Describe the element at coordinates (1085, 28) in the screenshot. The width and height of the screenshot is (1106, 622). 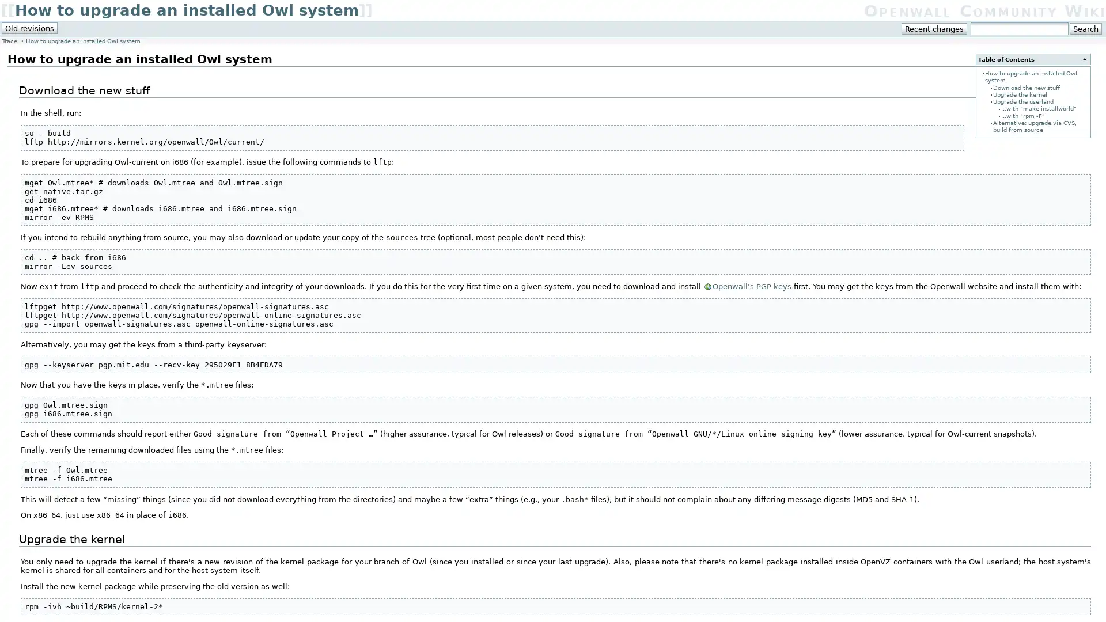
I see `Search` at that location.